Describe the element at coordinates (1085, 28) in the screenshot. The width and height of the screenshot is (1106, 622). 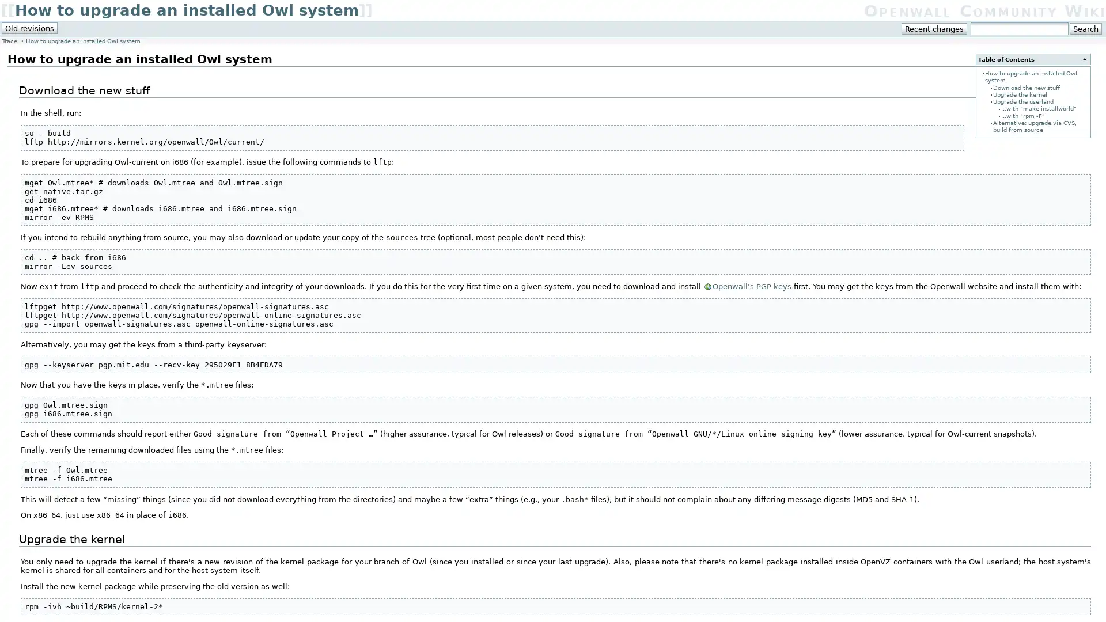
I see `Search` at that location.